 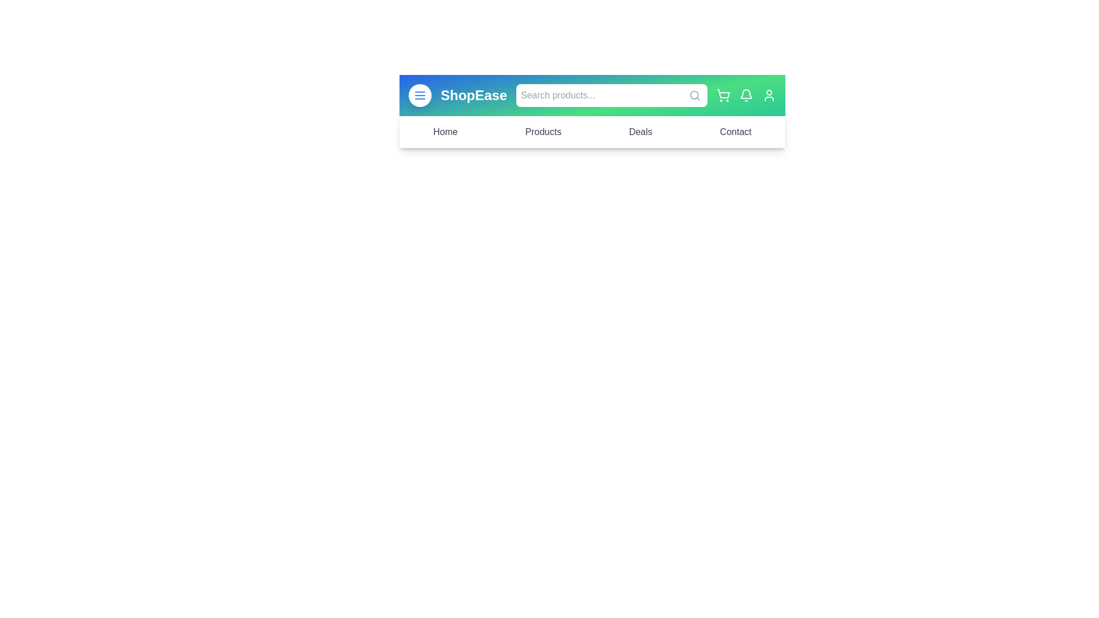 I want to click on the Home navigation link, so click(x=444, y=132).